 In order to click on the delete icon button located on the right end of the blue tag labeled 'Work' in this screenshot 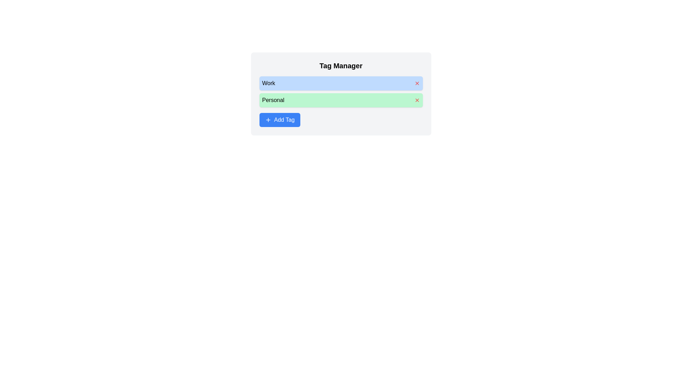, I will do `click(417, 83)`.